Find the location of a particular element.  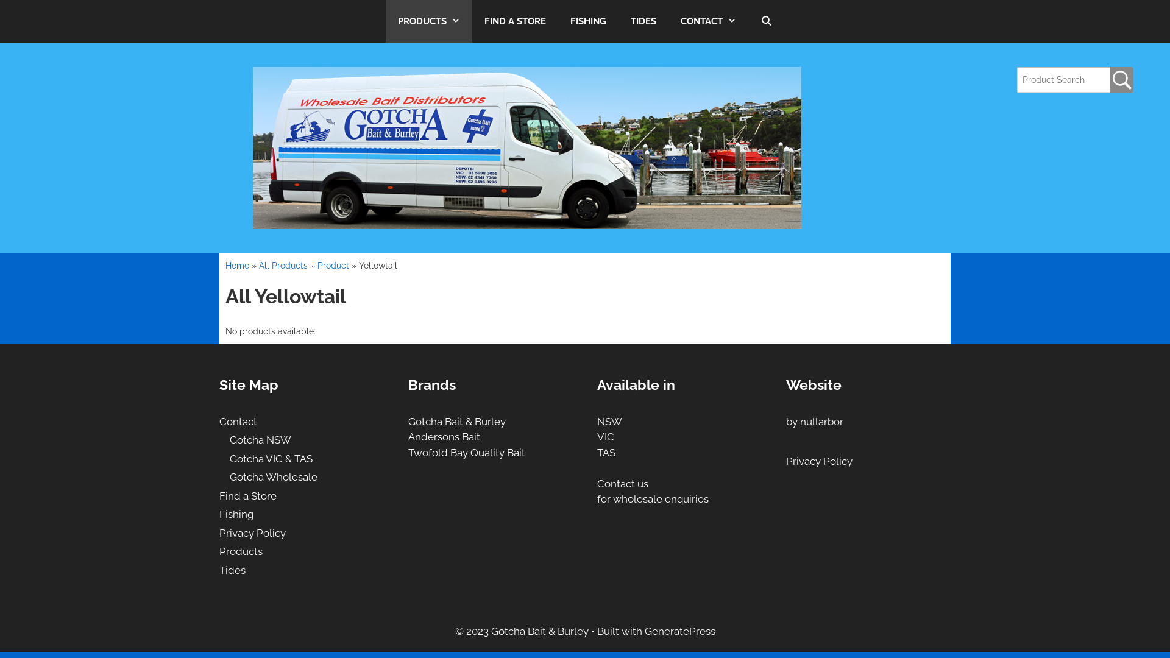

'CONTACT' is located at coordinates (708, 21).